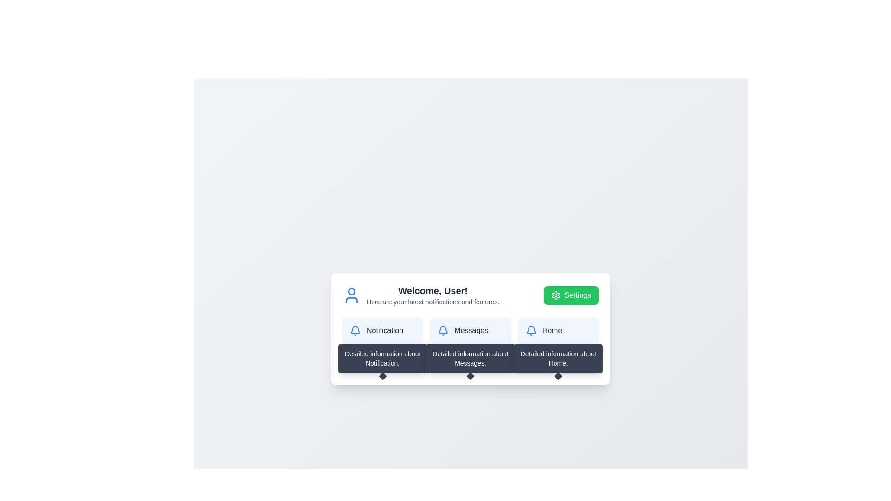  I want to click on the 'Home' text label with an associated blue bell icon in the horizontally-aligned menu, which is the third option following 'Messages', so click(558, 330).